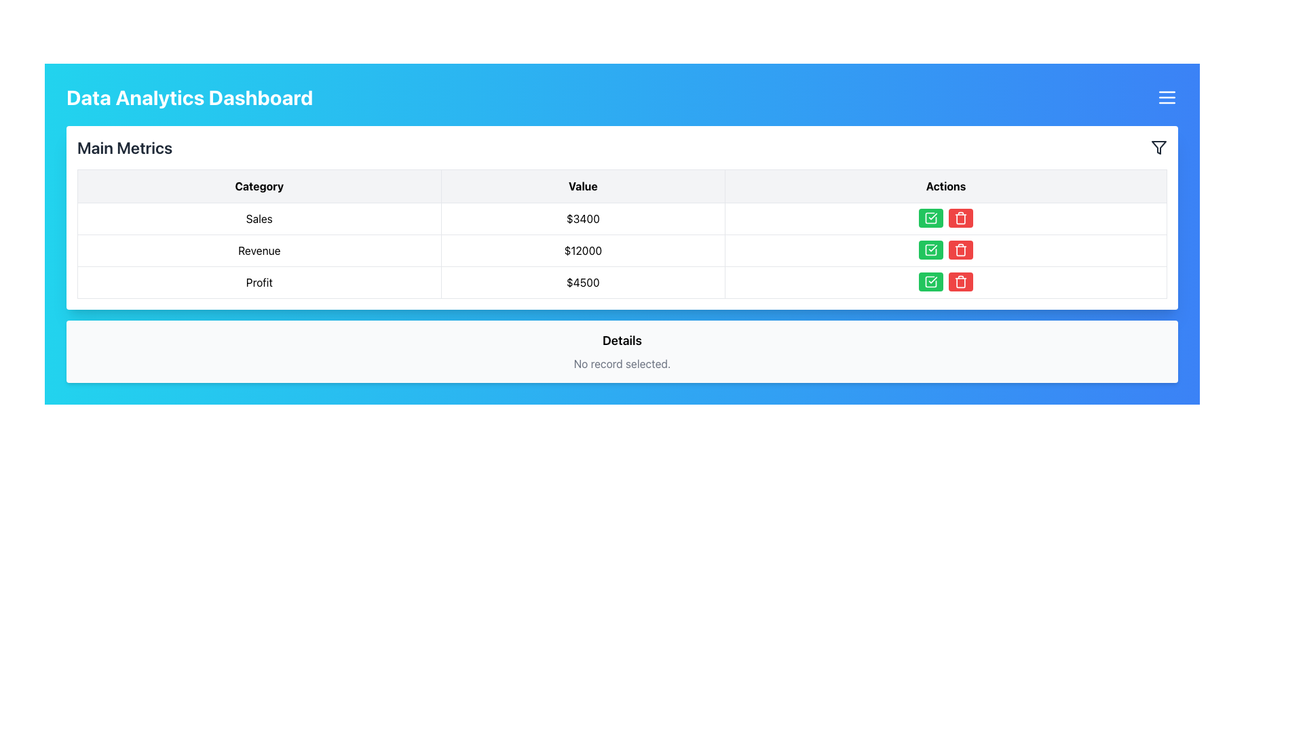 The height and width of the screenshot is (732, 1303). I want to click on the red rectangular button with rounded corners containing a trash can icon, located, so click(960, 217).